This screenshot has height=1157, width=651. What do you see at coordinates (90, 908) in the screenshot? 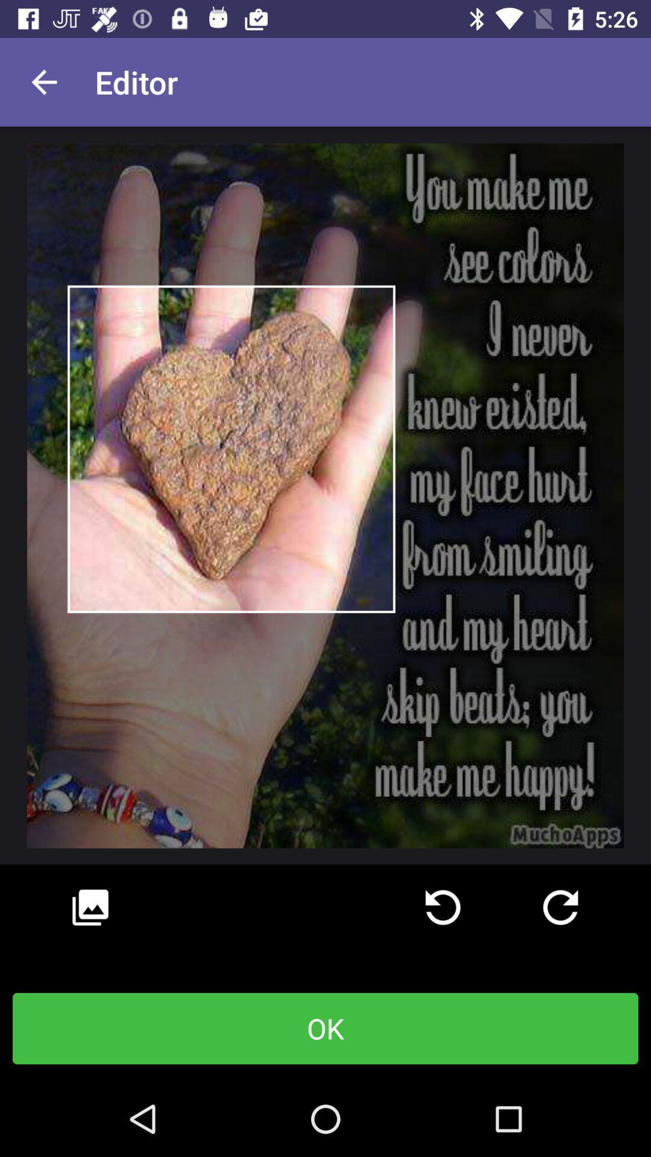
I see `image select option` at bounding box center [90, 908].